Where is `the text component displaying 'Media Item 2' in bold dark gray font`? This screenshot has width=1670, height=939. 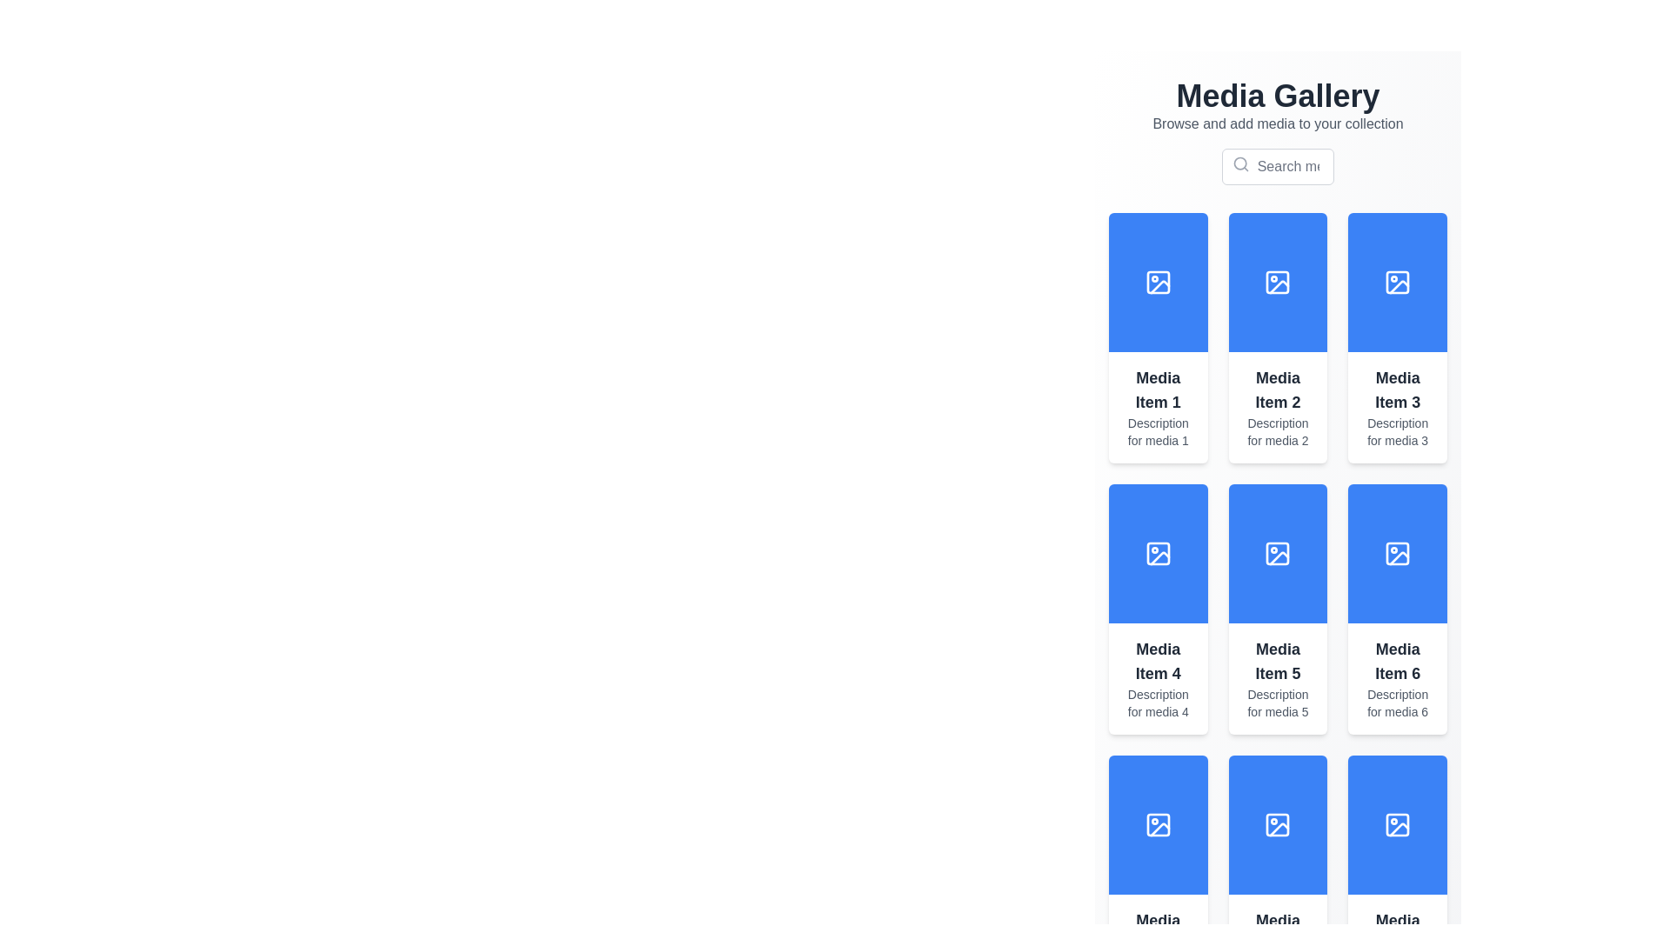 the text component displaying 'Media Item 2' in bold dark gray font is located at coordinates (1278, 389).